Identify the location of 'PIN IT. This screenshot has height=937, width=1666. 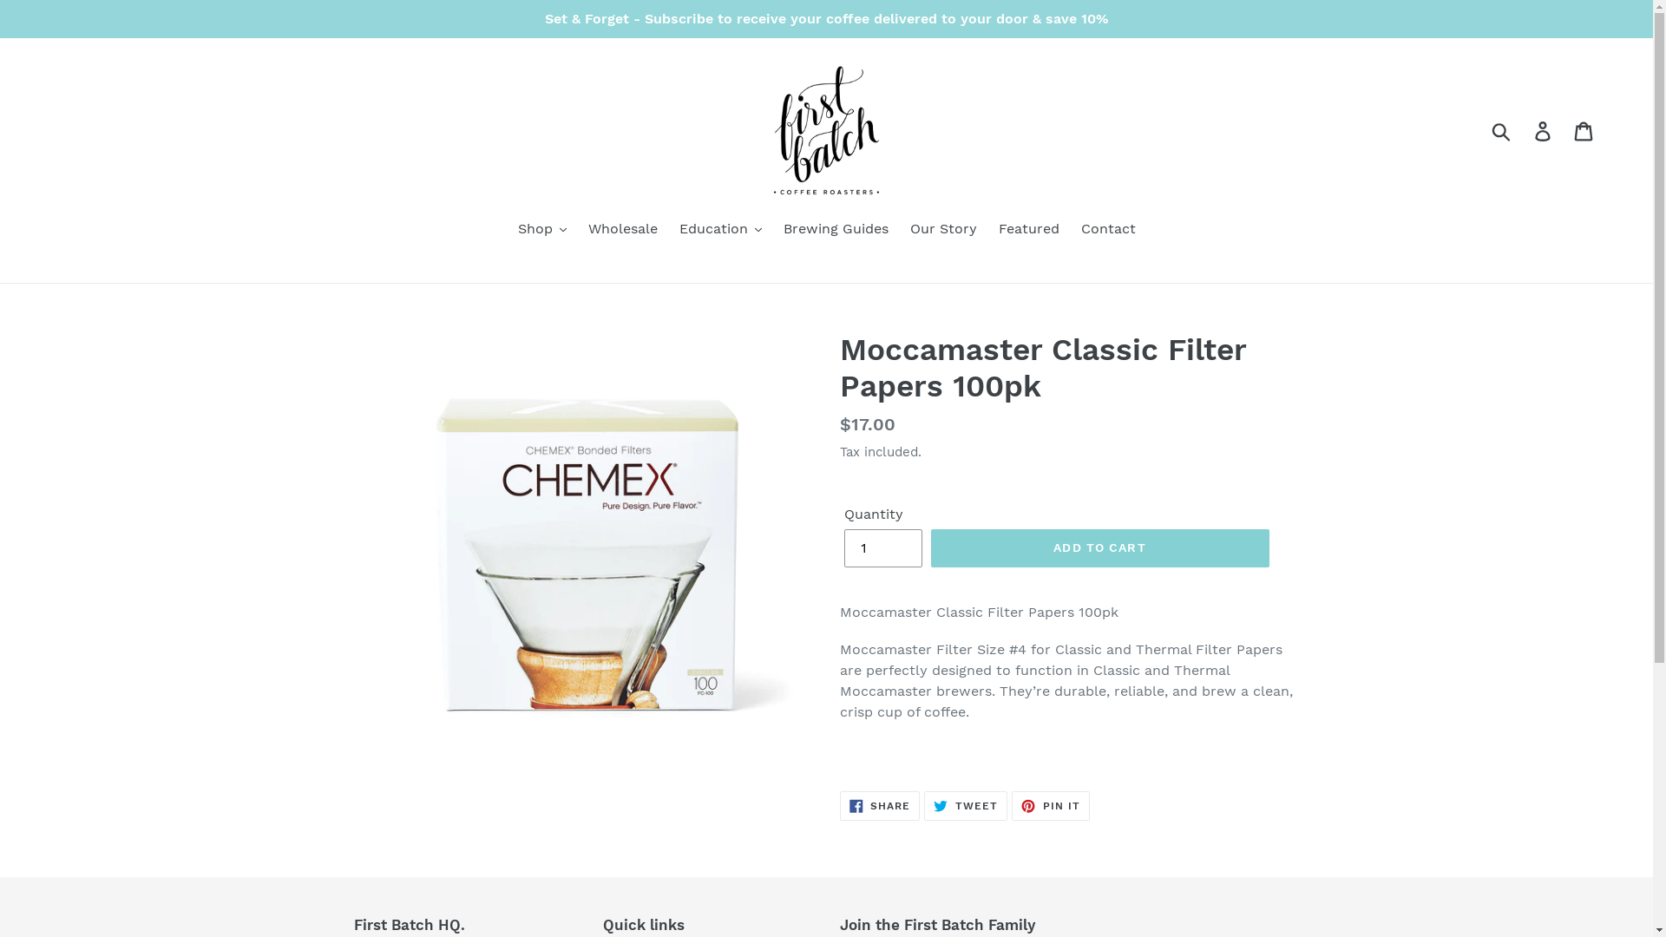
(1049, 806).